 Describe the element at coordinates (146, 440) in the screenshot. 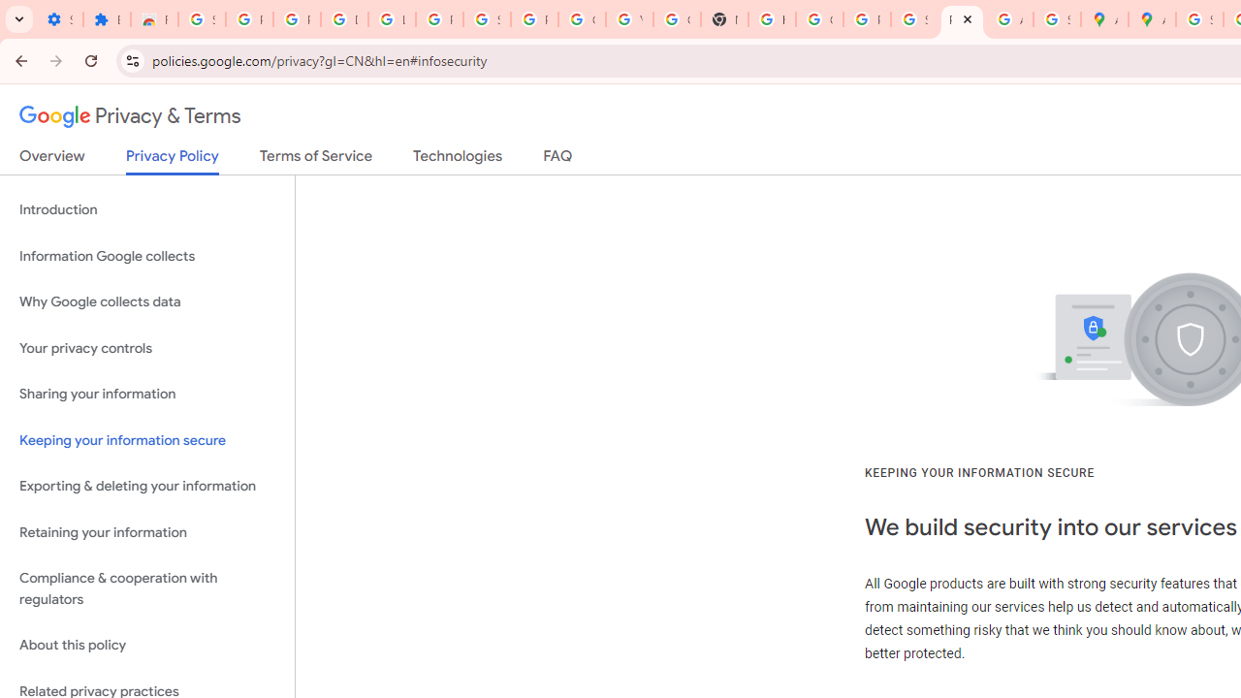

I see `'Keeping your information secure'` at that location.